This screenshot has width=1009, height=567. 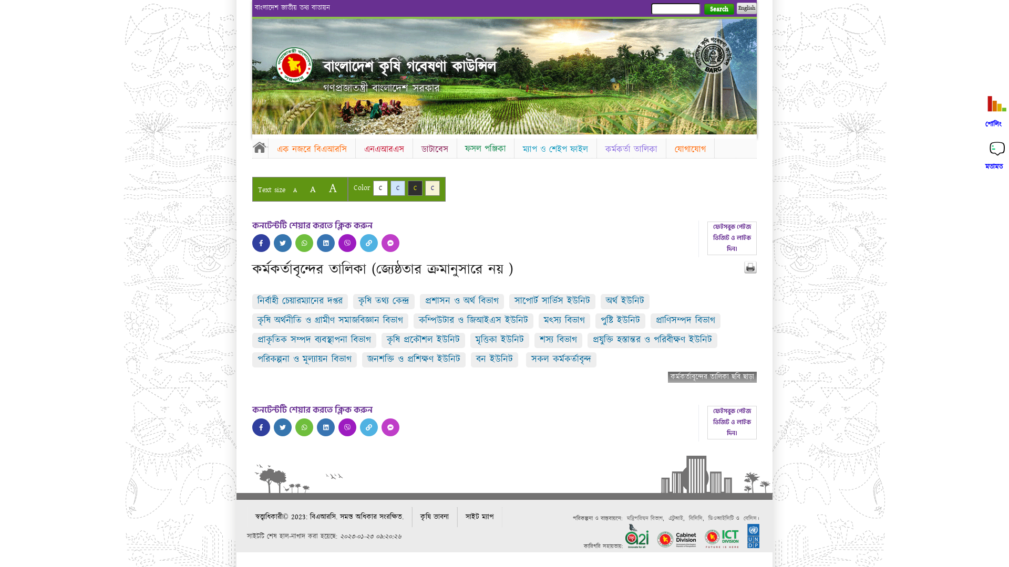 I want to click on 'Home', so click(x=260, y=147).